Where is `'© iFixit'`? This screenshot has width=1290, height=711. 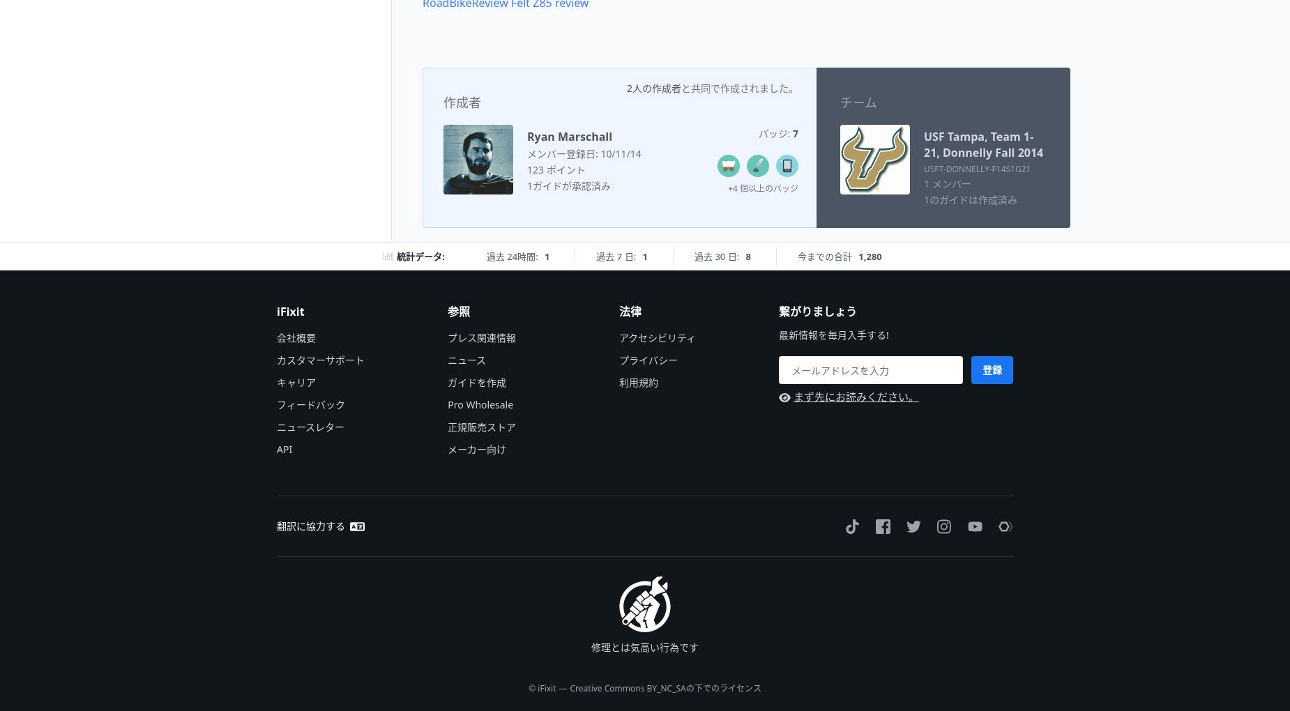 '© iFixit' is located at coordinates (542, 688).